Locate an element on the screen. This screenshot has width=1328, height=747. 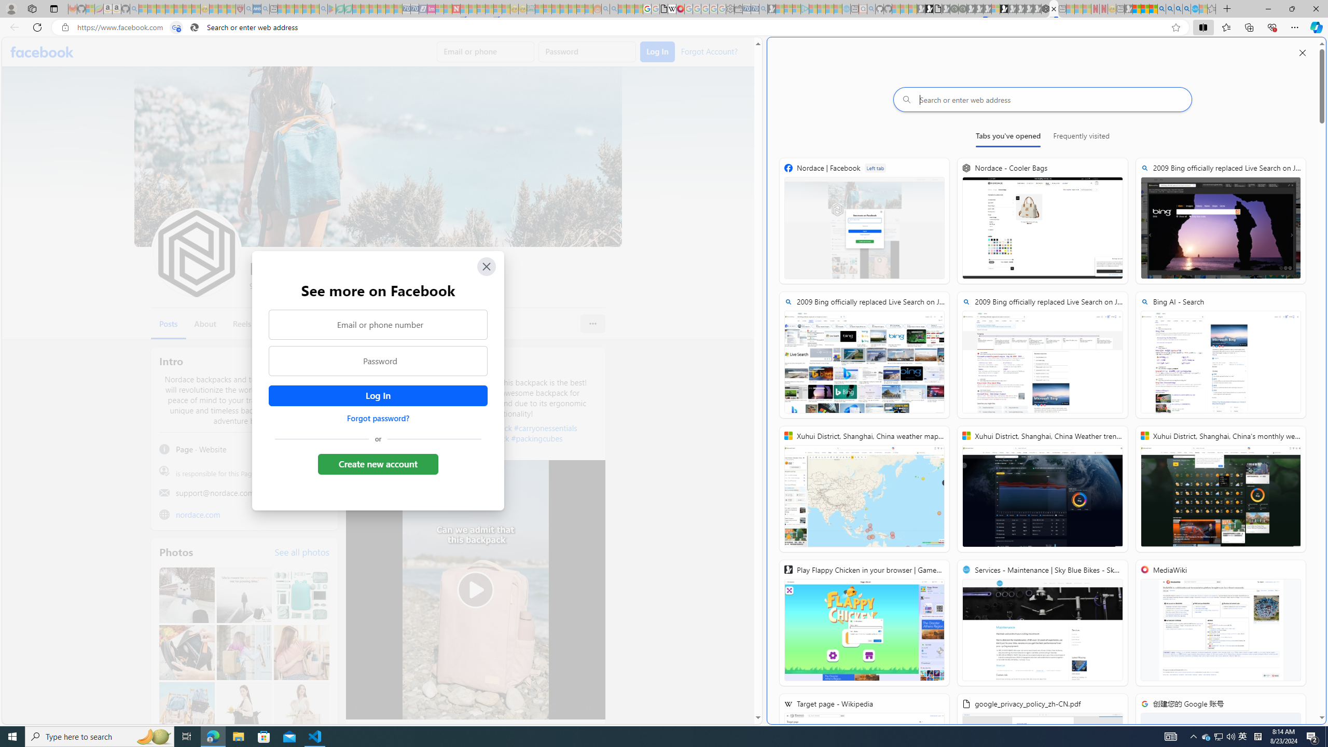
'Robert H. Shmerling, MD - Harvard Health - Sleeping' is located at coordinates (240, 8).